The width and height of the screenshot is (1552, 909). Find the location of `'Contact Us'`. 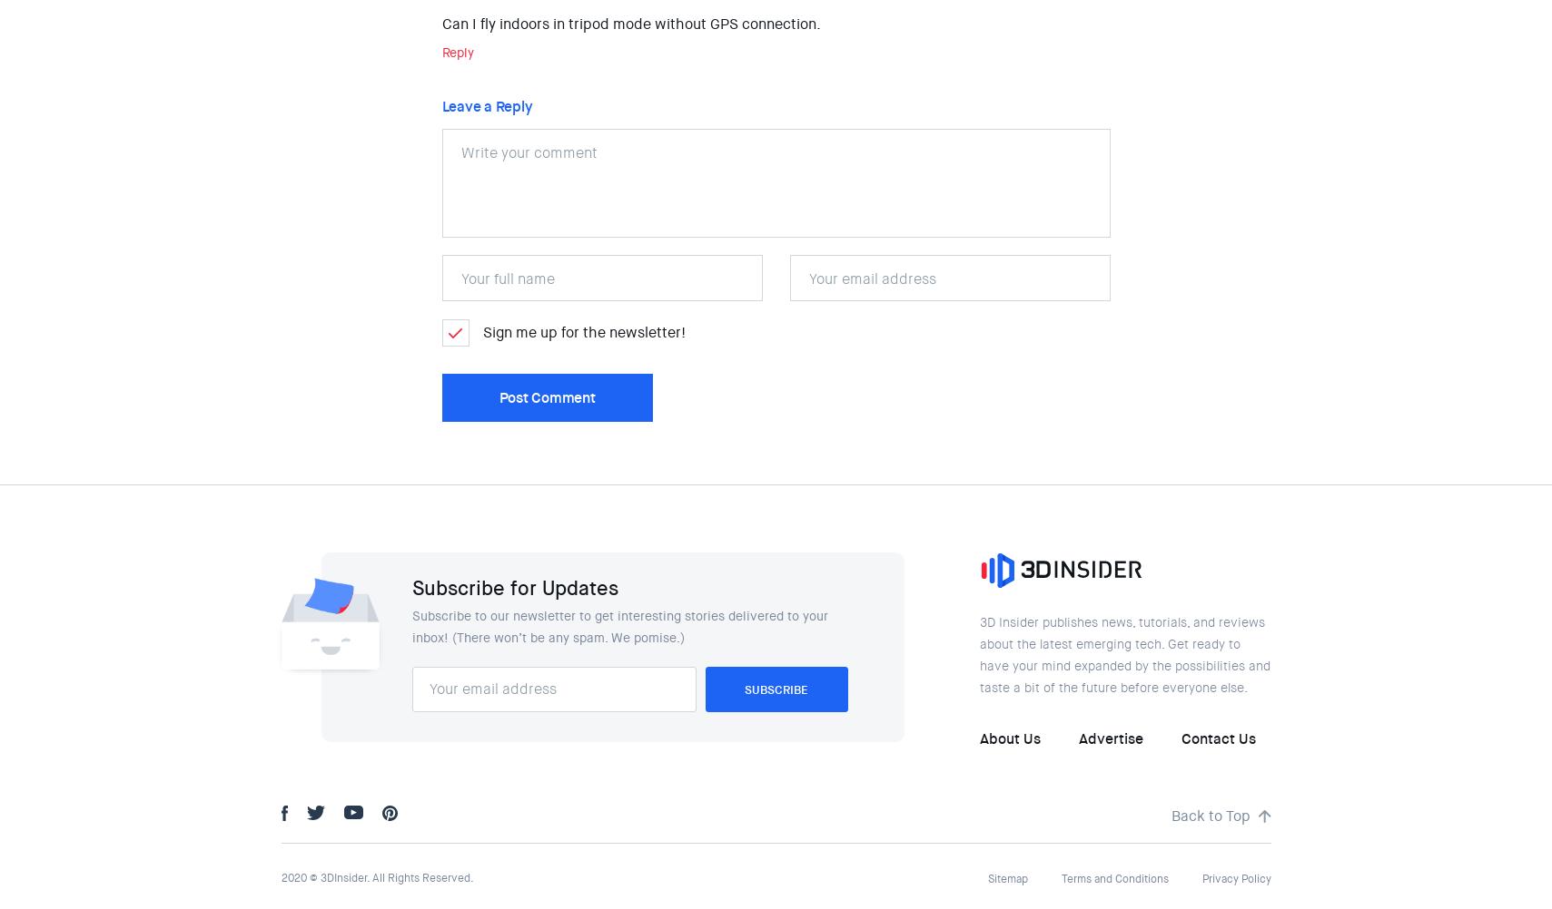

'Contact Us' is located at coordinates (1218, 738).